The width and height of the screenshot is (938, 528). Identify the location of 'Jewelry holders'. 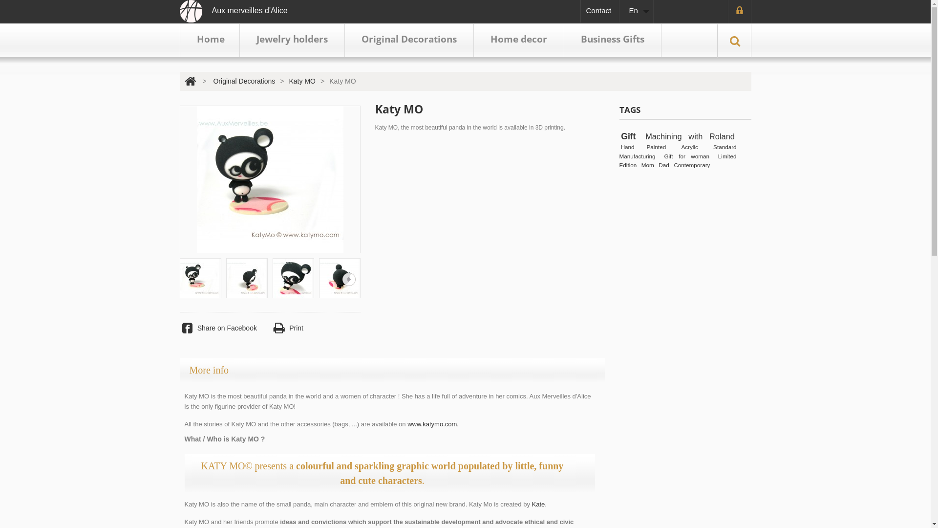
(291, 40).